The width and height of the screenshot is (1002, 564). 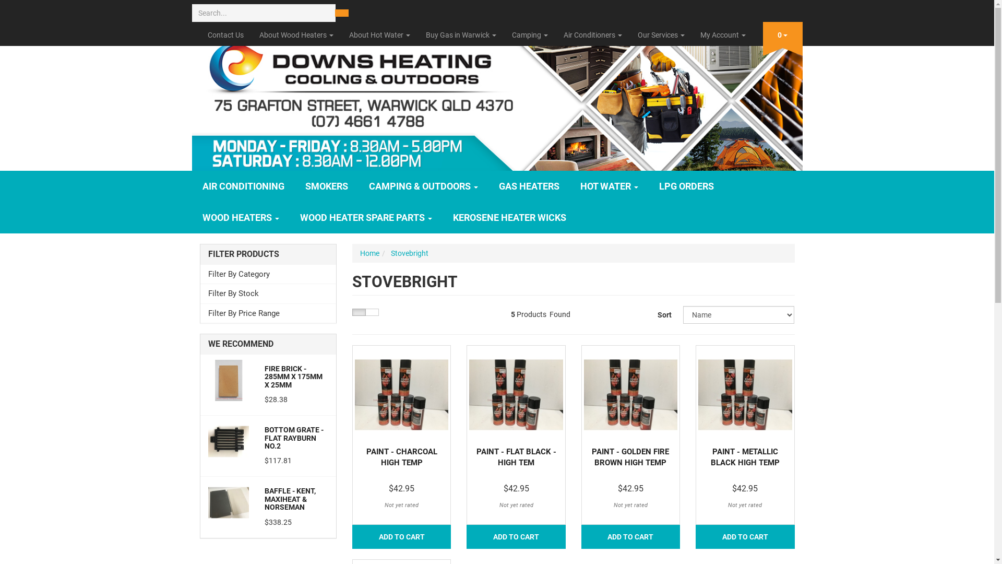 I want to click on '0', so click(x=763, y=32).